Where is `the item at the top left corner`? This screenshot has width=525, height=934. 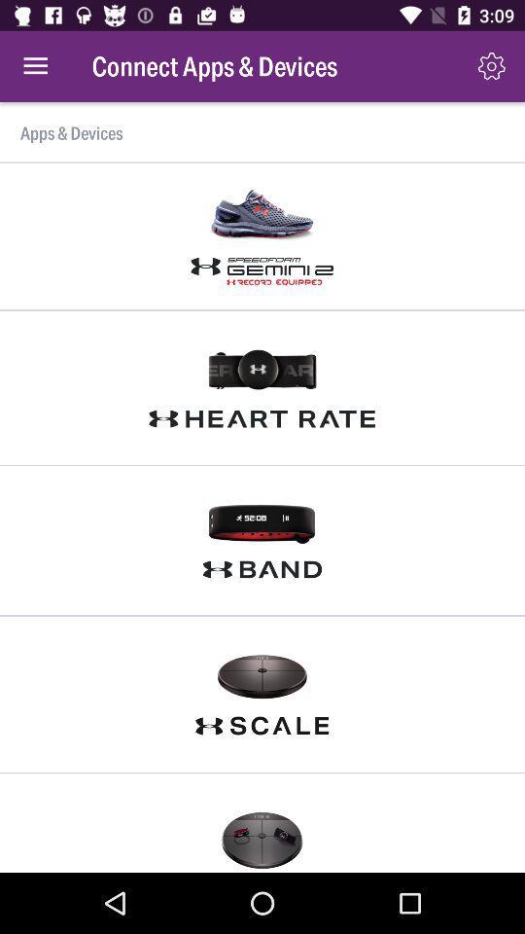
the item at the top left corner is located at coordinates (35, 66).